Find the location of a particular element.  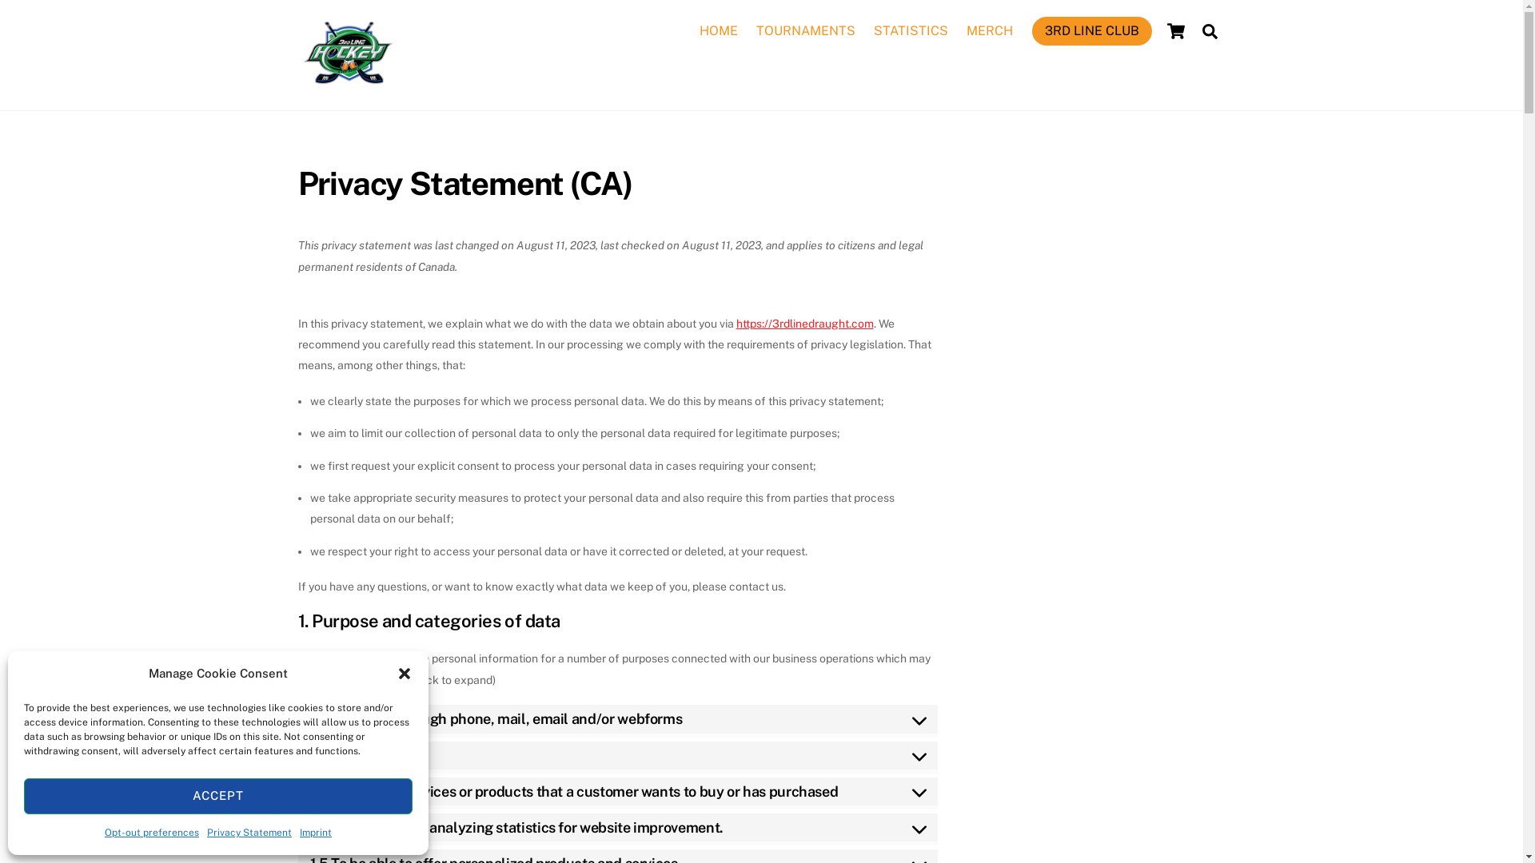

'STATISTICS' is located at coordinates (911, 30).